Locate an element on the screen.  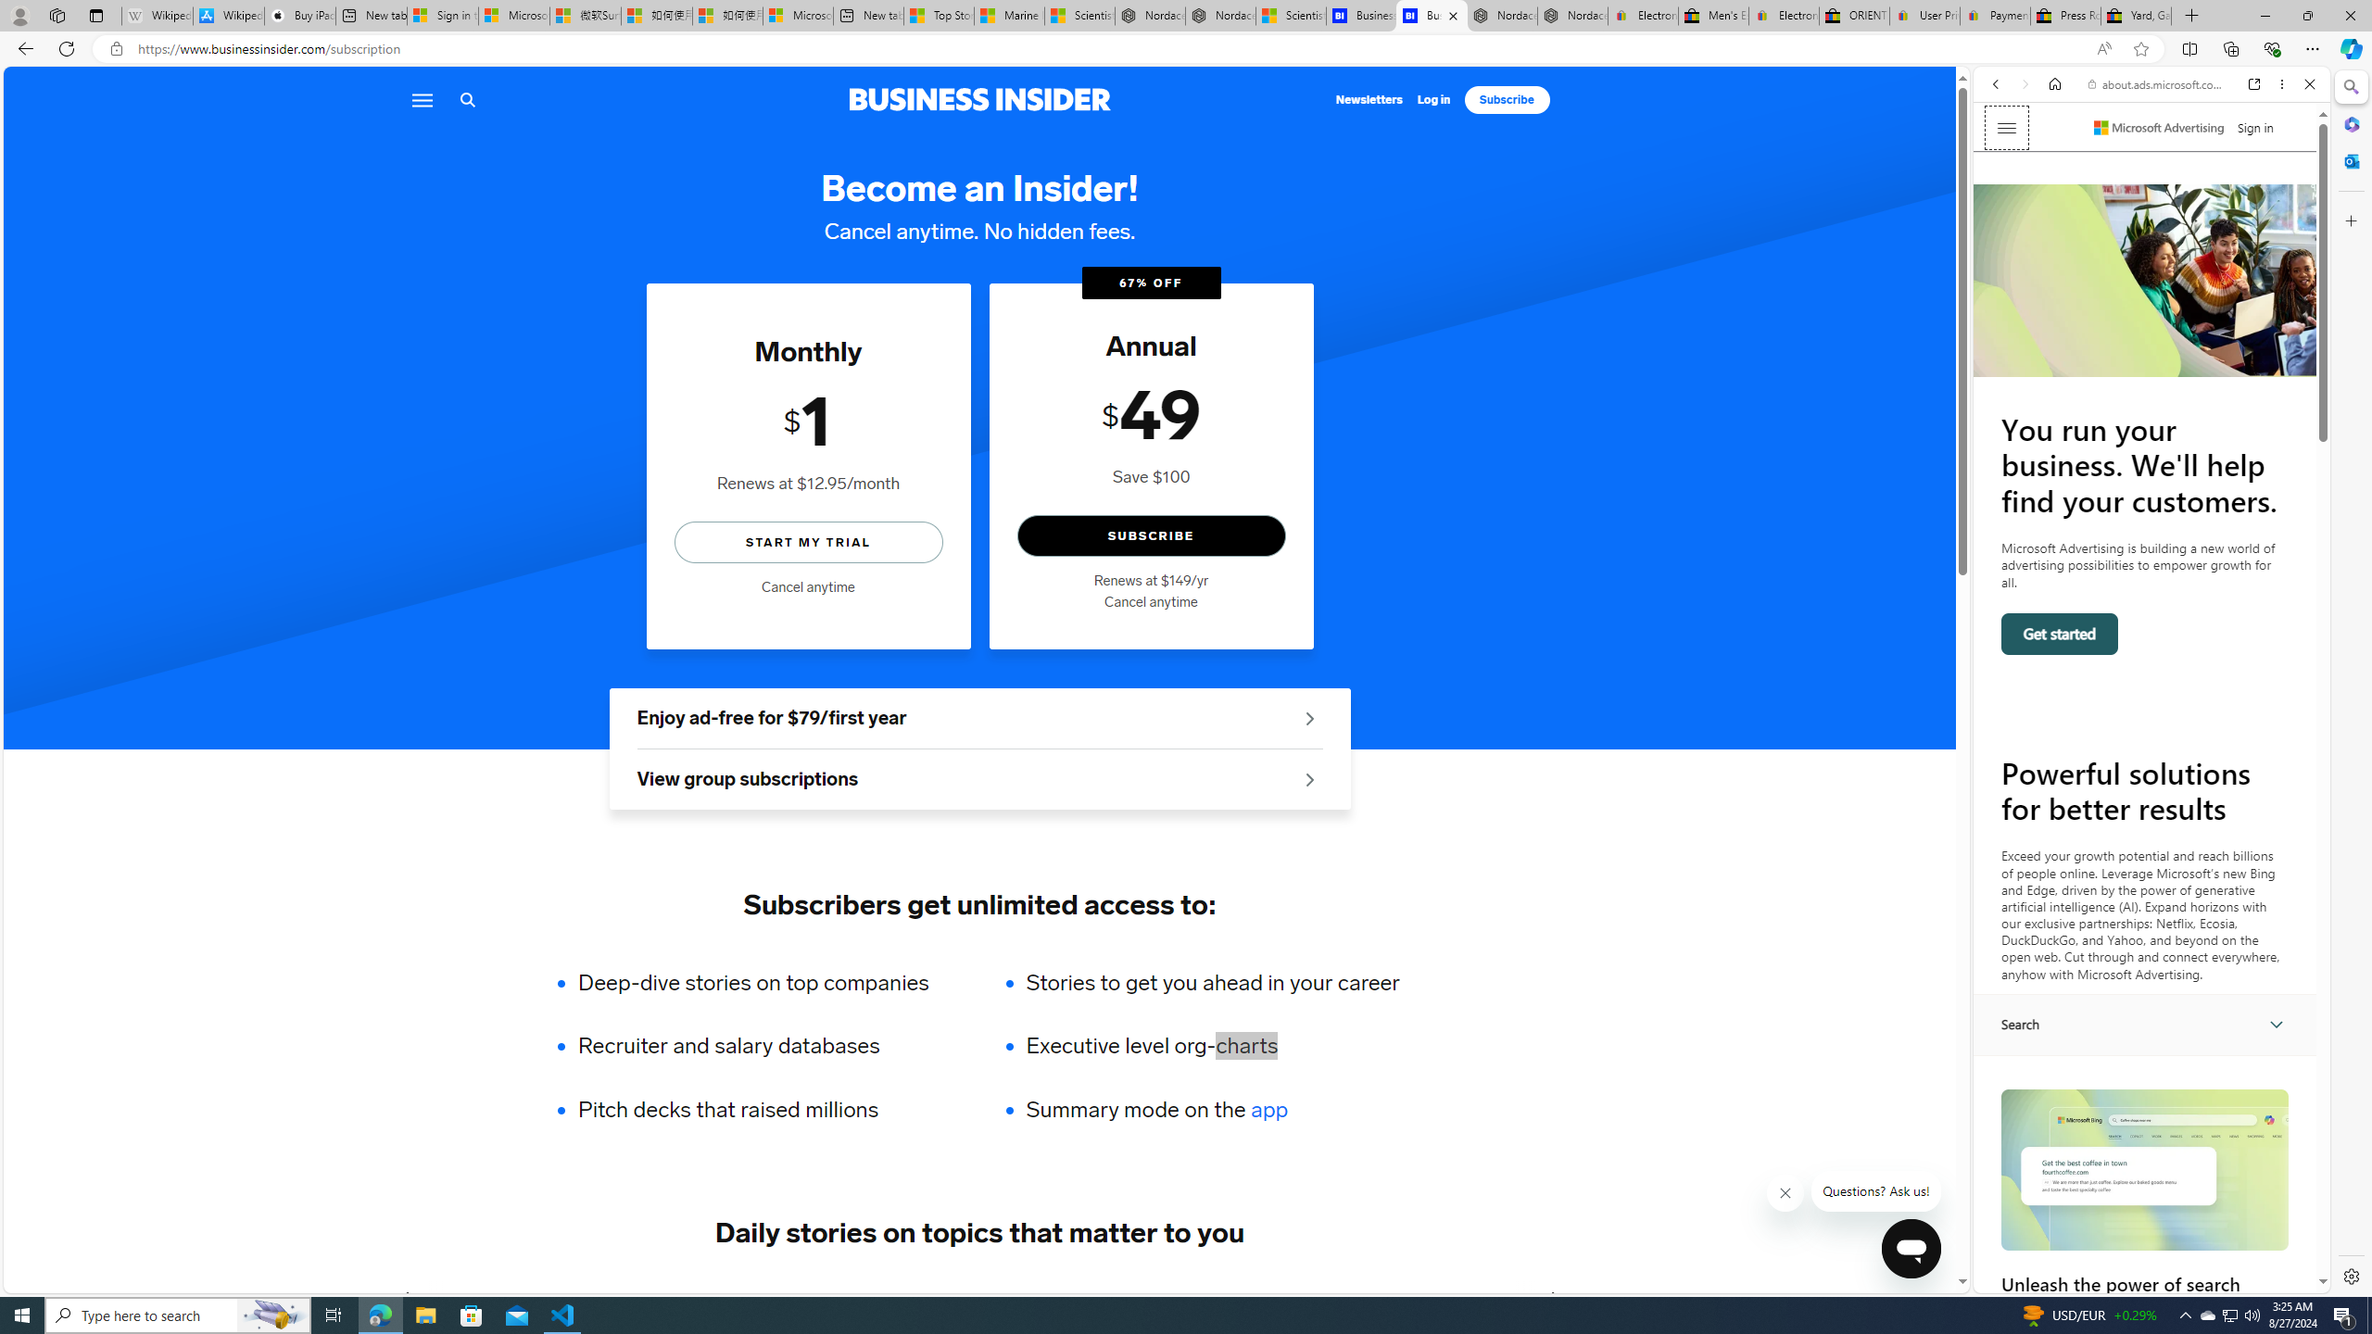
'Summary mode on the app' is located at coordinates (1212, 1110).